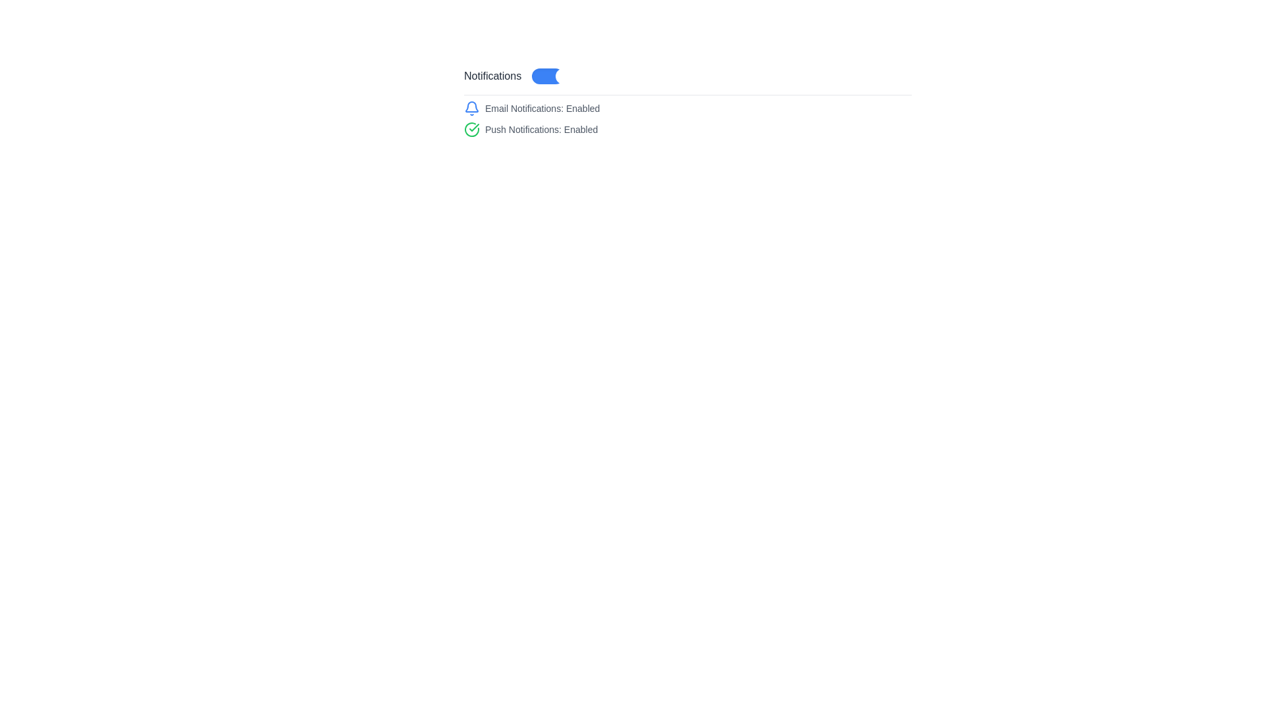 The height and width of the screenshot is (711, 1264). Describe the element at coordinates (541, 129) in the screenshot. I see `the status message label that indicates Push Notifications are enabled, located to the right of the green checkmark icon under the 'Notifications' subsection` at that location.